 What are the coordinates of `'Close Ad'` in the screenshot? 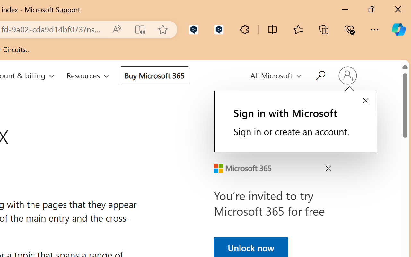 It's located at (328, 169).